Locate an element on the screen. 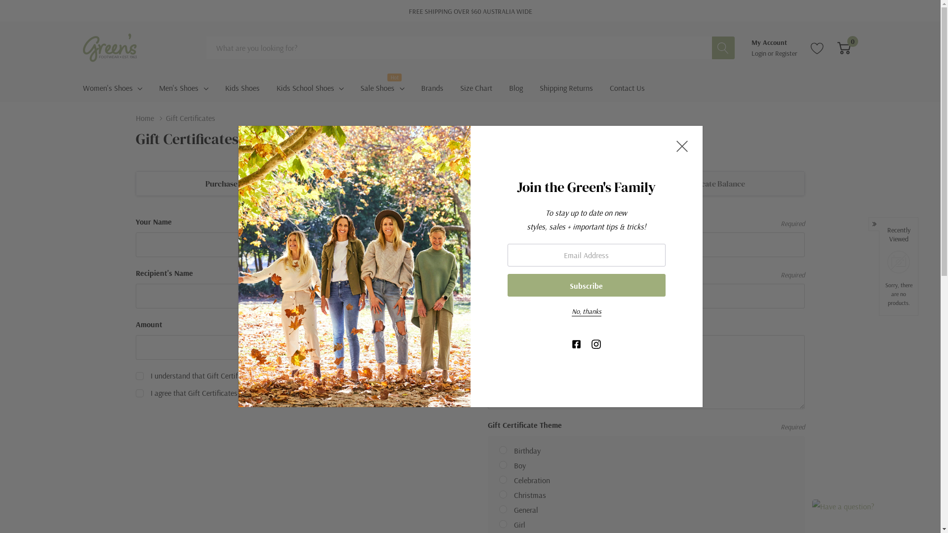  'Greens Footwear Pty Ltd' is located at coordinates (111, 47).